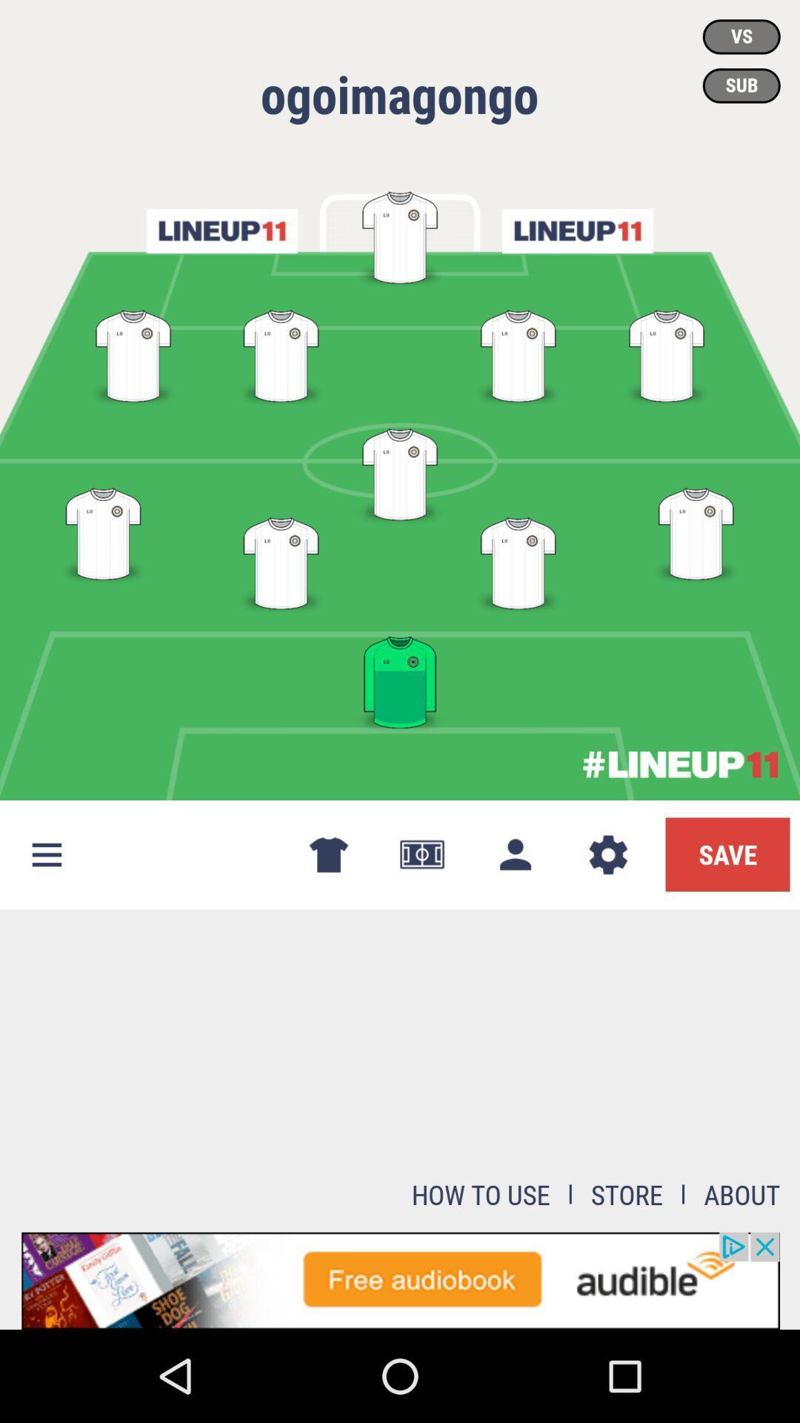 The image size is (800, 1423). What do you see at coordinates (422, 855) in the screenshot?
I see `the icon which is before profile icon` at bounding box center [422, 855].